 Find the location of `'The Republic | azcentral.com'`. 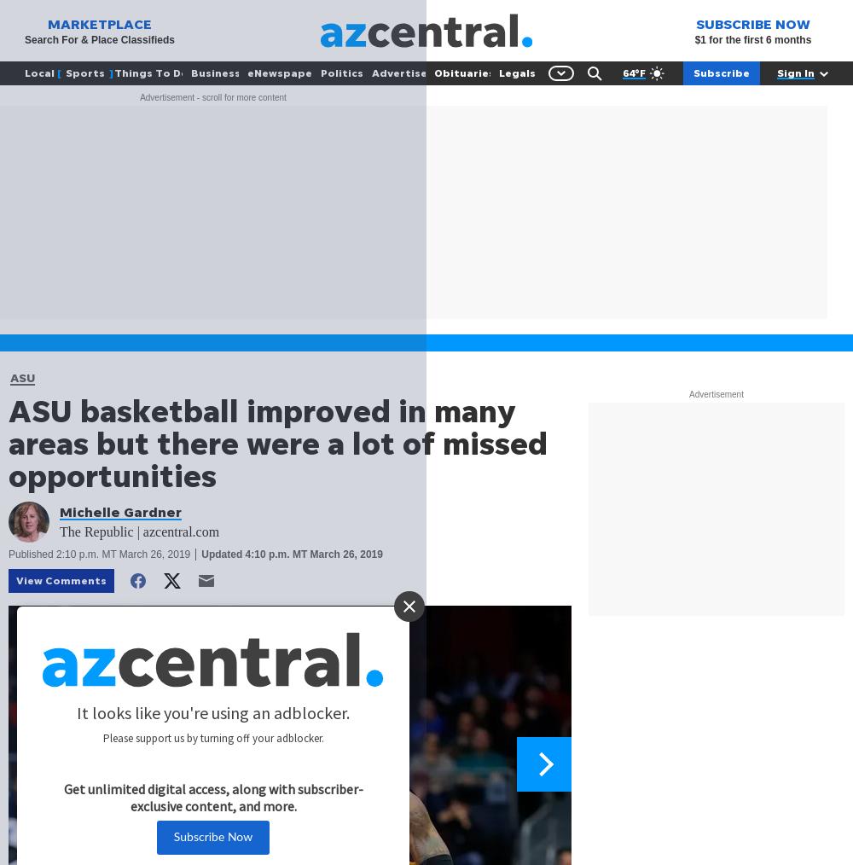

'The Republic | azcentral.com' is located at coordinates (139, 531).